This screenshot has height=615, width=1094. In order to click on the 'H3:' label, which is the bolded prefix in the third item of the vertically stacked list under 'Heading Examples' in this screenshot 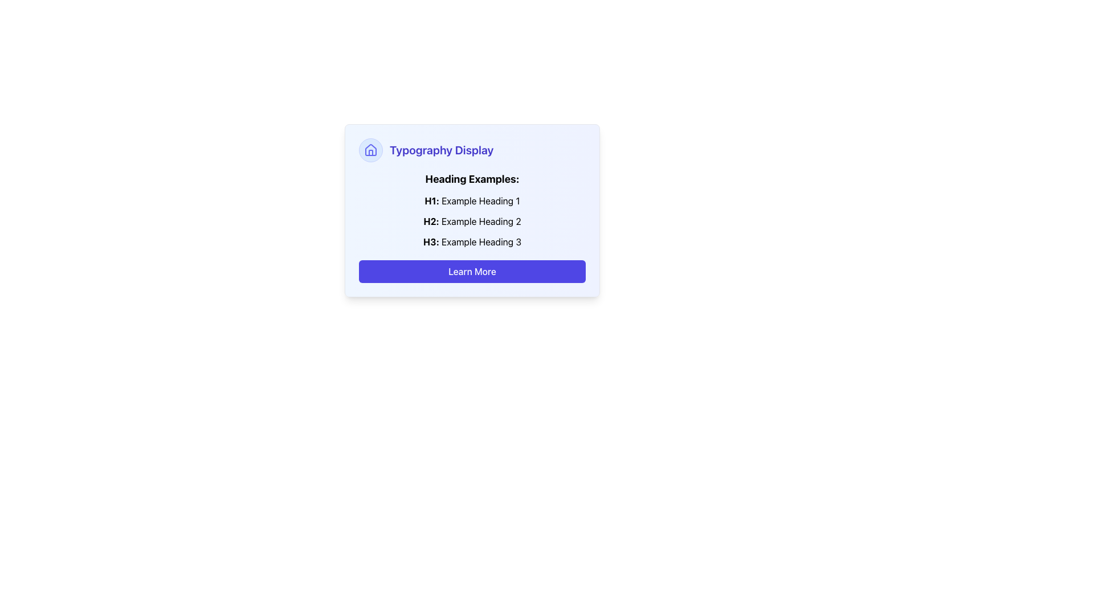, I will do `click(430, 241)`.